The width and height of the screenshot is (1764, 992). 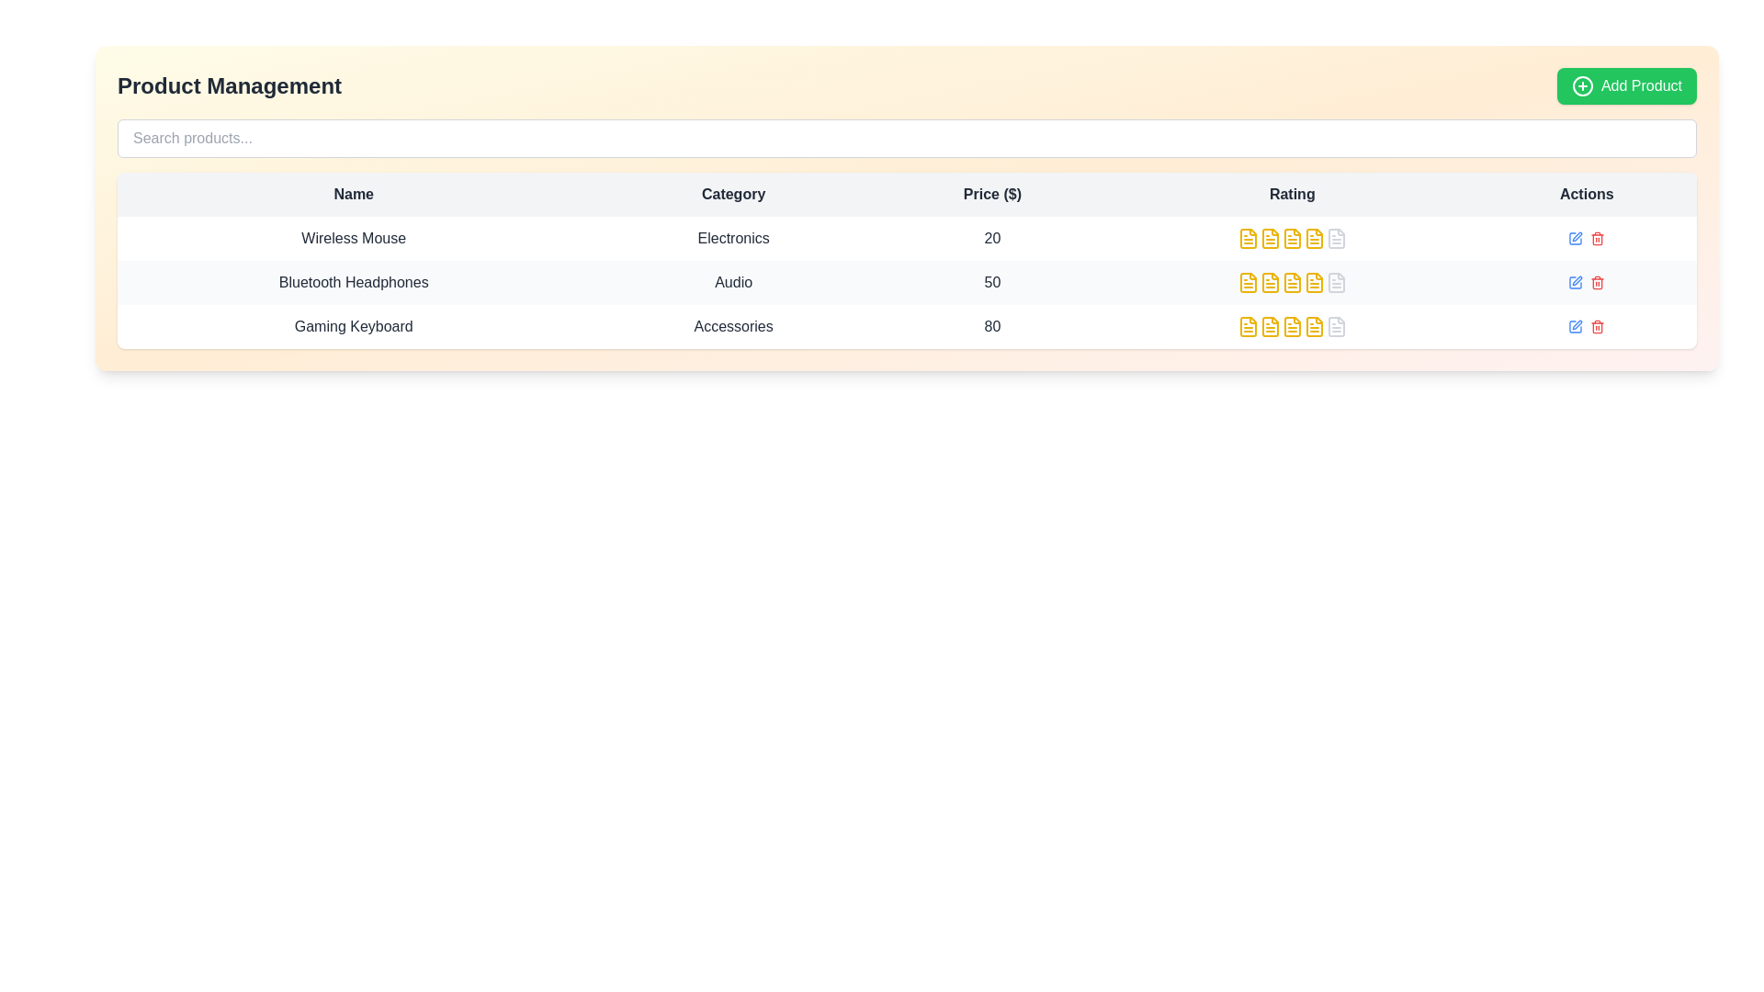 I want to click on the document icon in the last row of the table under the 'Rating' column, so click(x=1336, y=325).